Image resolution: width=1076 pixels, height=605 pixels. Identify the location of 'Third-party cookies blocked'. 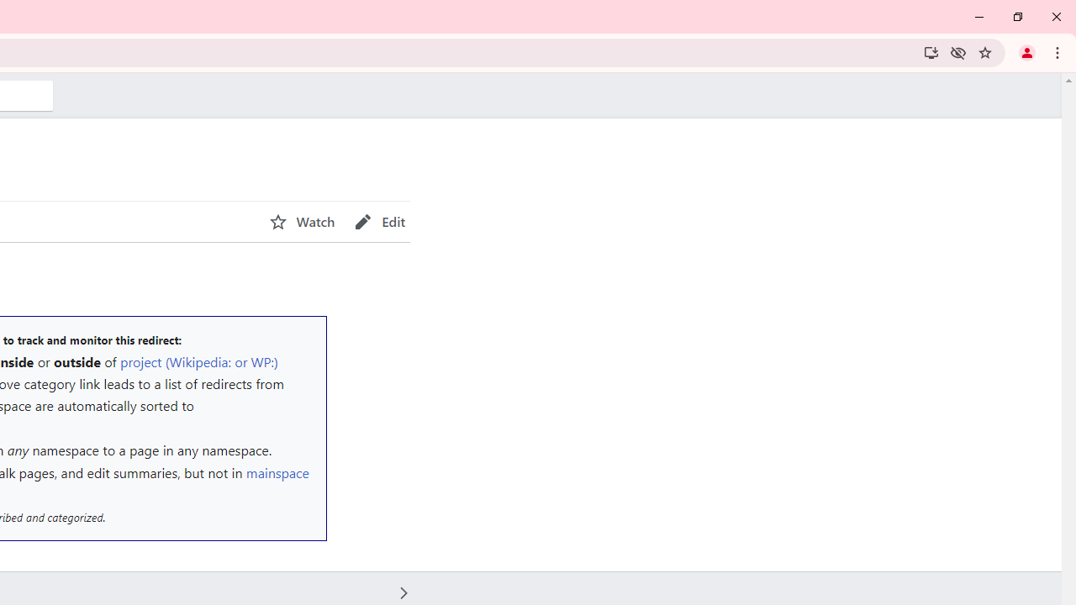
(957, 51).